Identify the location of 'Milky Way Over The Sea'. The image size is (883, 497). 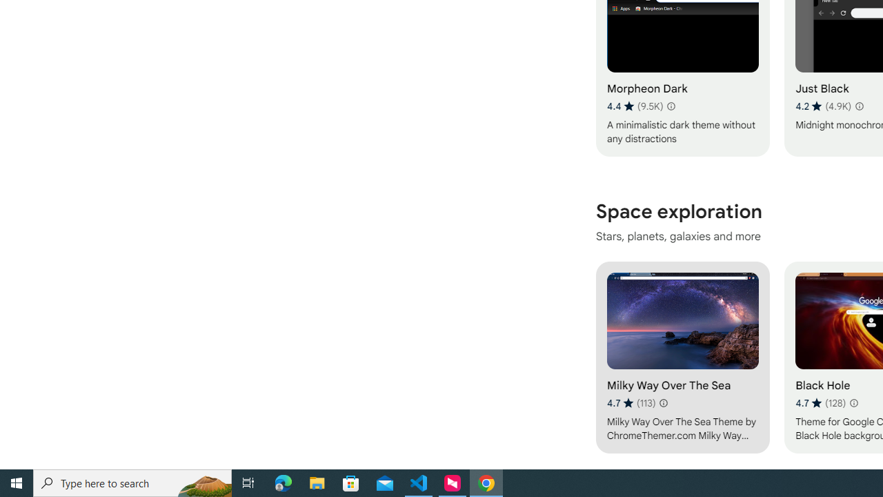
(682, 356).